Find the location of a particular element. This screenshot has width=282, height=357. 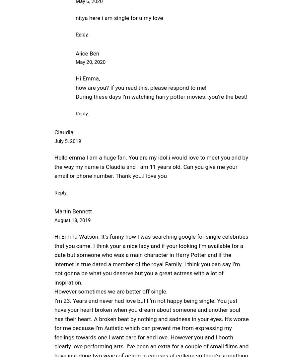

'During these days I’m watching harry potter movies…you’re the best!' is located at coordinates (161, 96).